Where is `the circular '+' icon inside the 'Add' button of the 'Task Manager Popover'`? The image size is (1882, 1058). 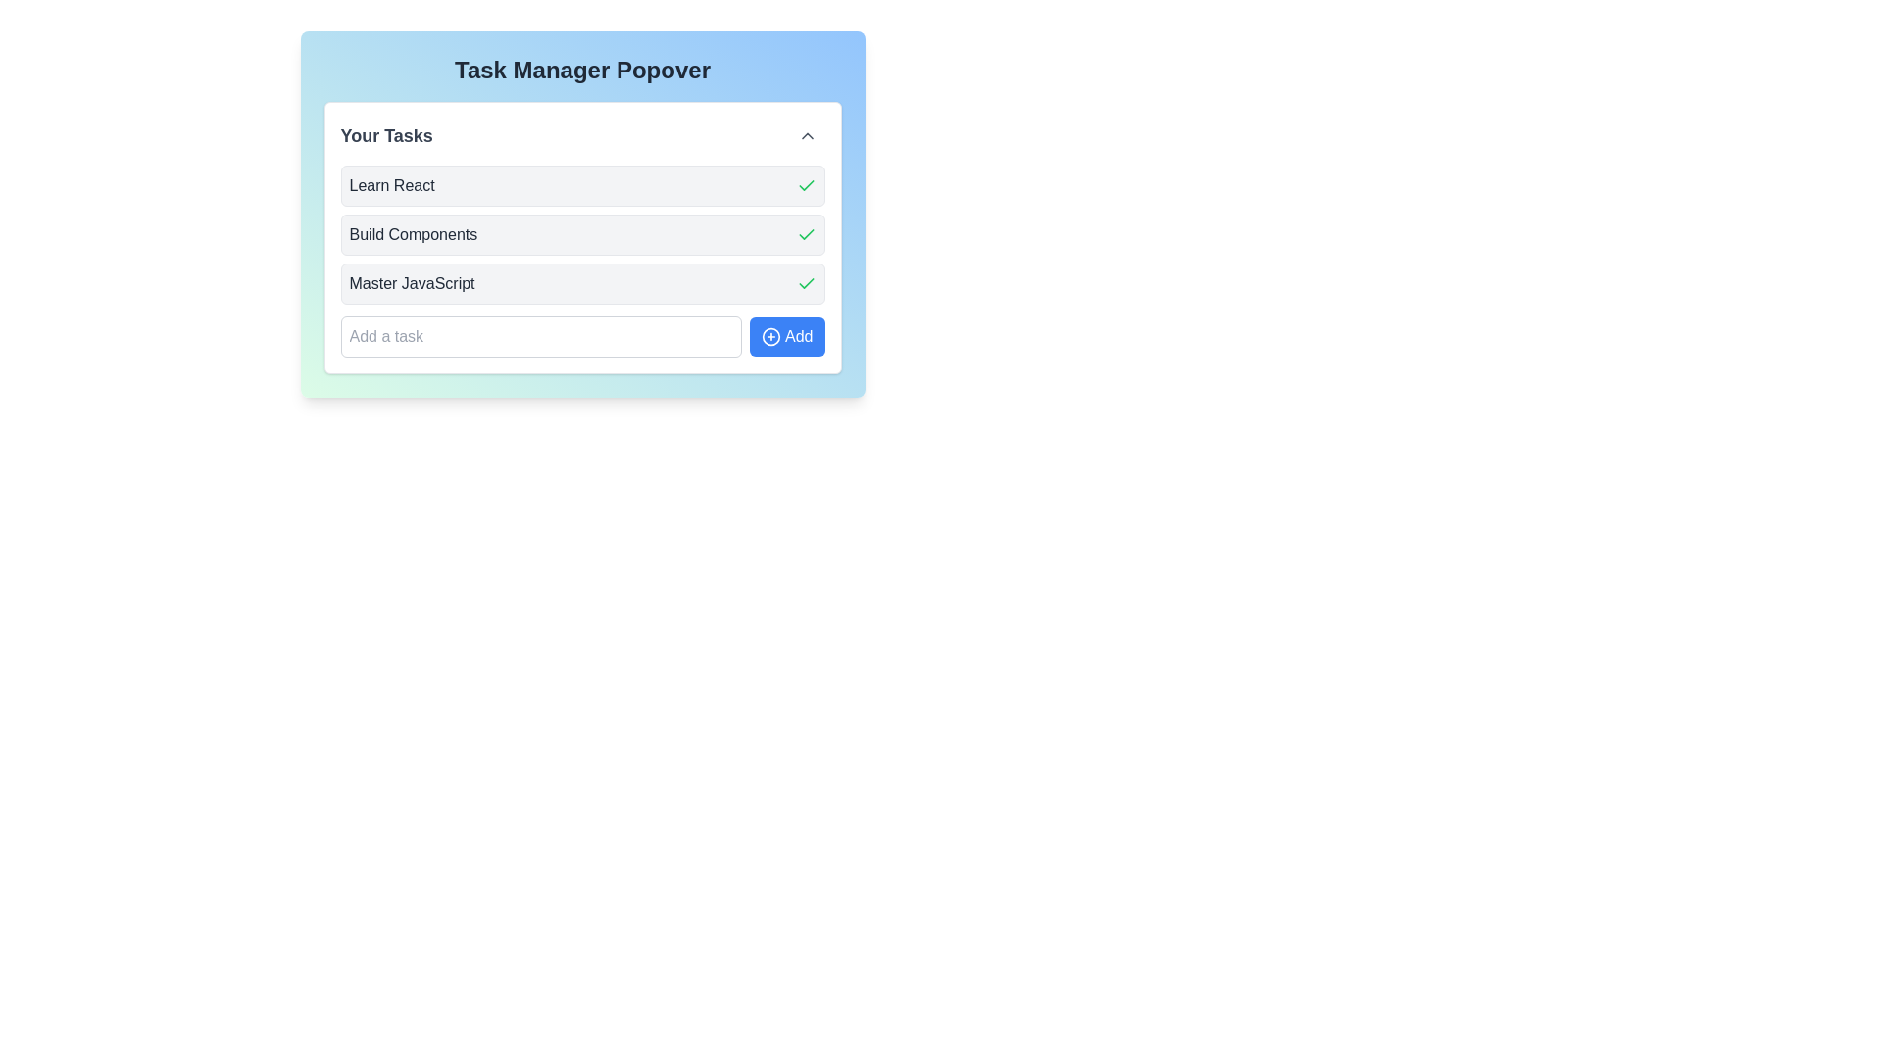 the circular '+' icon inside the 'Add' button of the 'Task Manager Popover' is located at coordinates (770, 335).